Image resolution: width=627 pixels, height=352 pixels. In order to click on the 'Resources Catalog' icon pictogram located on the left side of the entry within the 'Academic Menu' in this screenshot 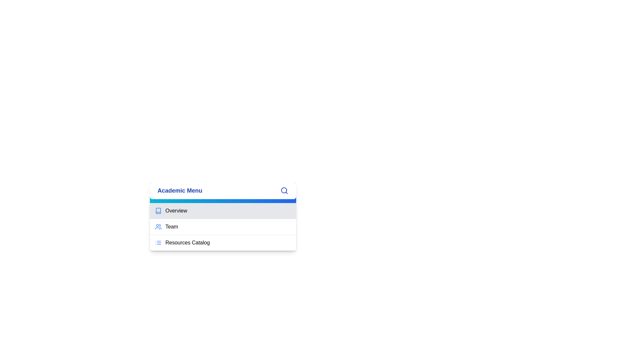, I will do `click(158, 242)`.